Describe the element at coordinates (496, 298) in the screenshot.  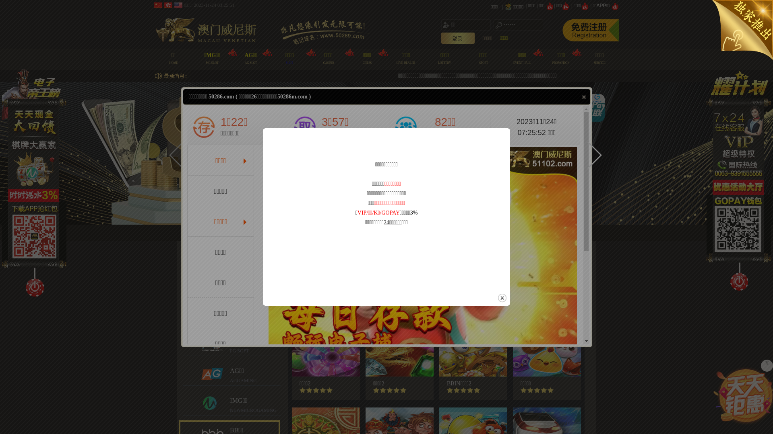
I see `'close'` at that location.